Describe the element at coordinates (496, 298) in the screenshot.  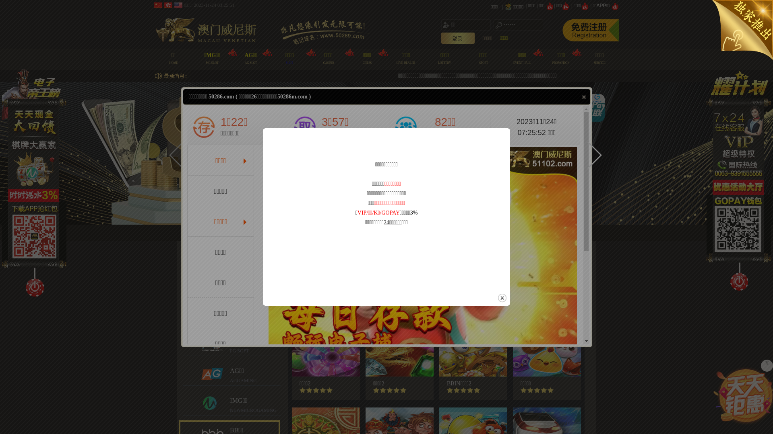
I see `'close'` at that location.